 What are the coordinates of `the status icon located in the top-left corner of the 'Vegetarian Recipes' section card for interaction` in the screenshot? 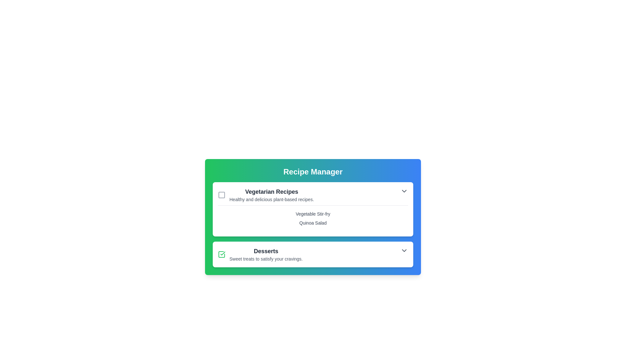 It's located at (222, 194).